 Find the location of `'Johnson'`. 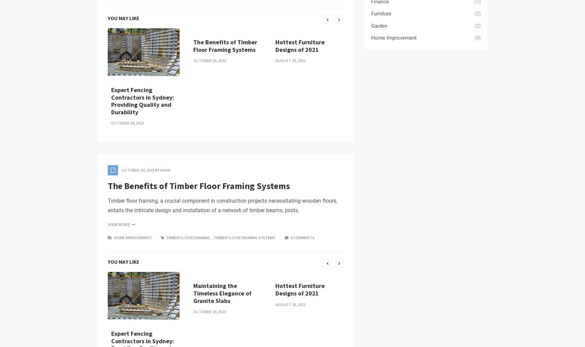

'Johnson' is located at coordinates (160, 42).